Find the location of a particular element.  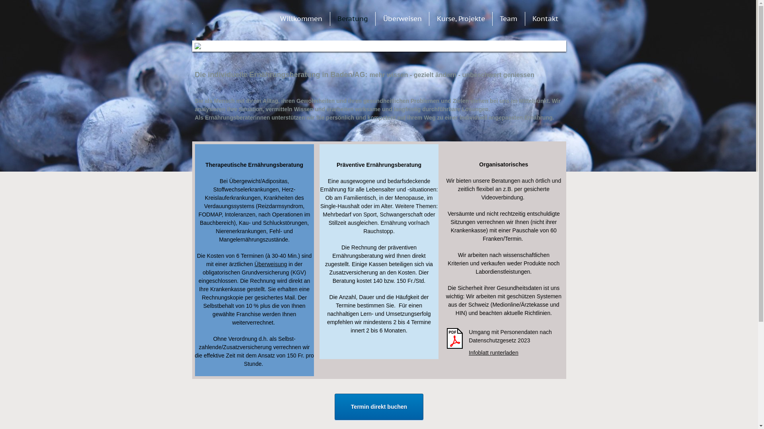

'Team' is located at coordinates (508, 18).